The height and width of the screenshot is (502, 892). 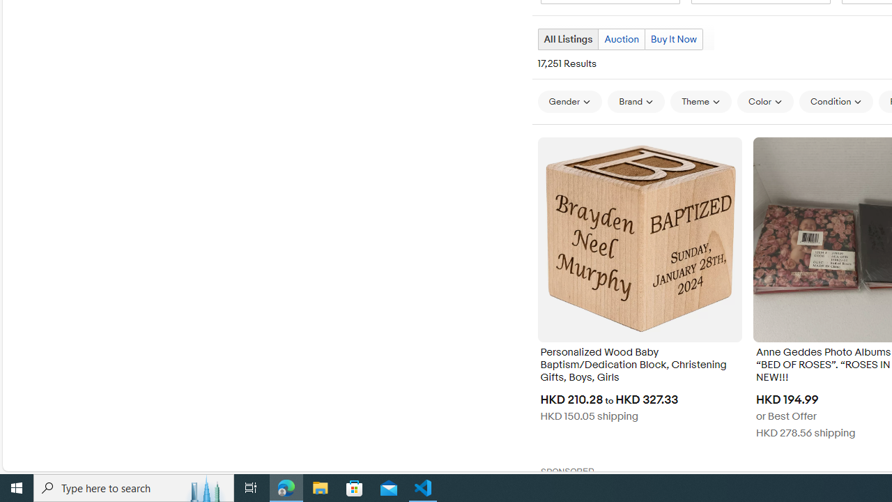 What do you see at coordinates (836, 100) in the screenshot?
I see `'Condition'` at bounding box center [836, 100].